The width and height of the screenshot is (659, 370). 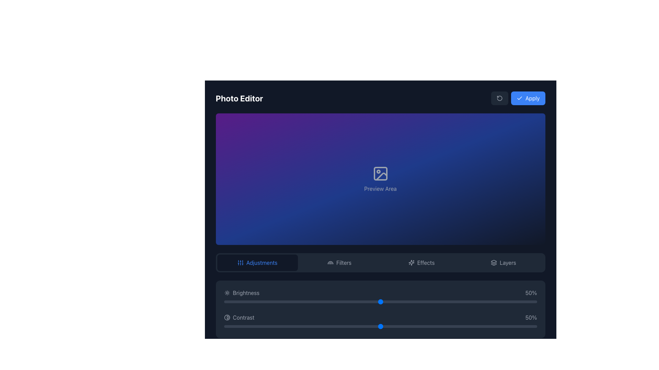 What do you see at coordinates (471, 326) in the screenshot?
I see `the contrast` at bounding box center [471, 326].